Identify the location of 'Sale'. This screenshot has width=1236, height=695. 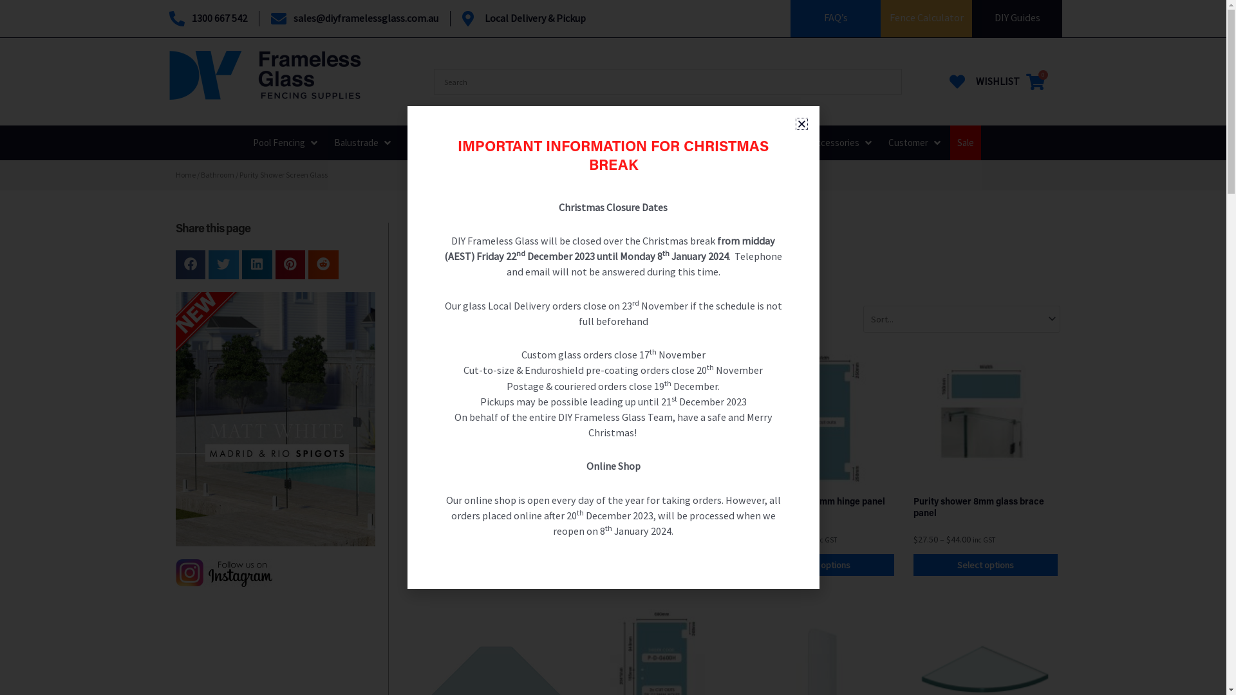
(964, 143).